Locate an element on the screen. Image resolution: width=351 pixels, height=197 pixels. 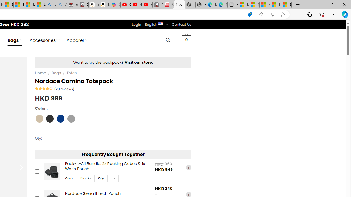
'Nordace Comino Totepack quantity' is located at coordinates (56, 138).